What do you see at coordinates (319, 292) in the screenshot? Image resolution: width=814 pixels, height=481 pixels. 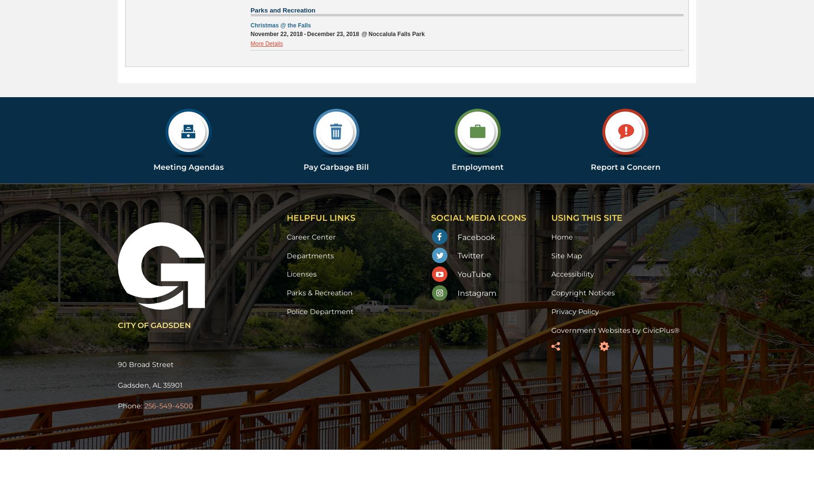 I see `'Parks & Recreation'` at bounding box center [319, 292].